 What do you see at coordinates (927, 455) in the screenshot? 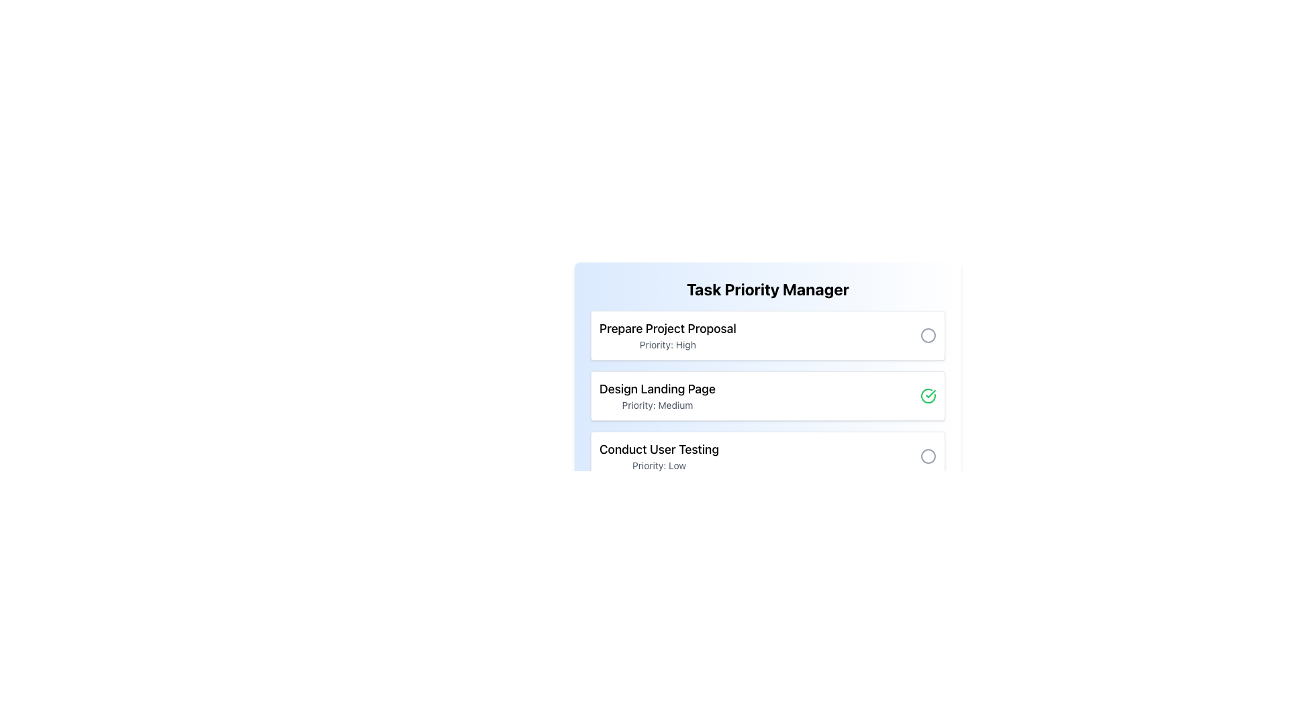
I see `the circular icon button with a grey outline located on the far-right end of the third row, associated with the 'Conduct User Testing' task` at bounding box center [927, 455].